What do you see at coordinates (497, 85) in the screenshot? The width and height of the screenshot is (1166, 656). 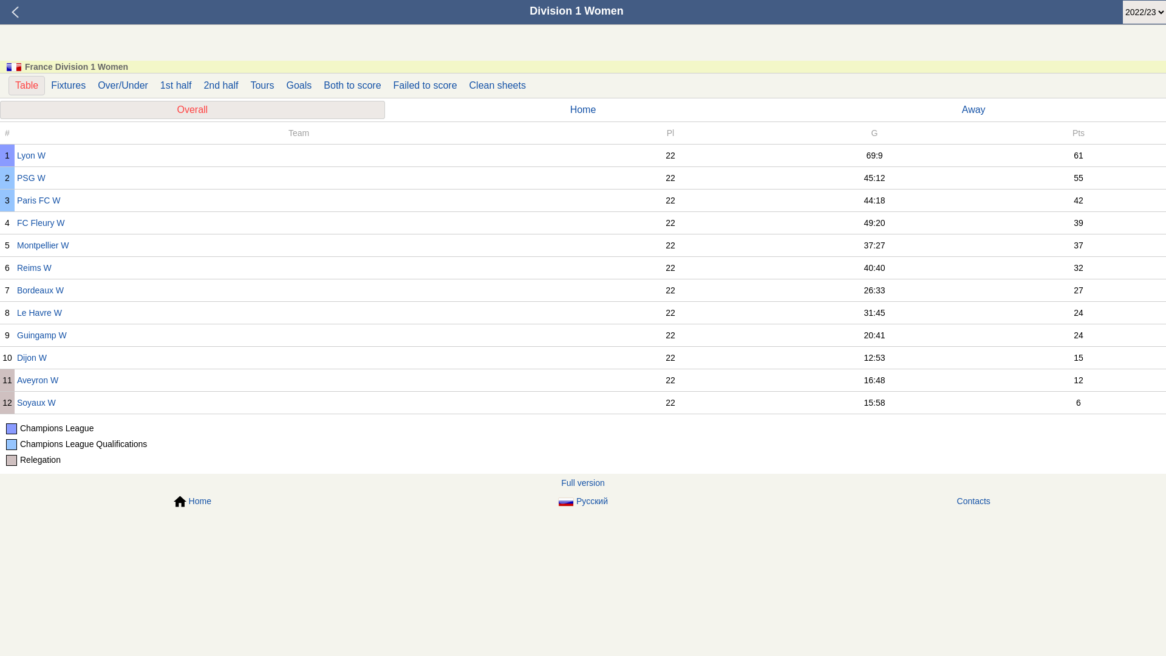 I see `'Clean sheets'` at bounding box center [497, 85].